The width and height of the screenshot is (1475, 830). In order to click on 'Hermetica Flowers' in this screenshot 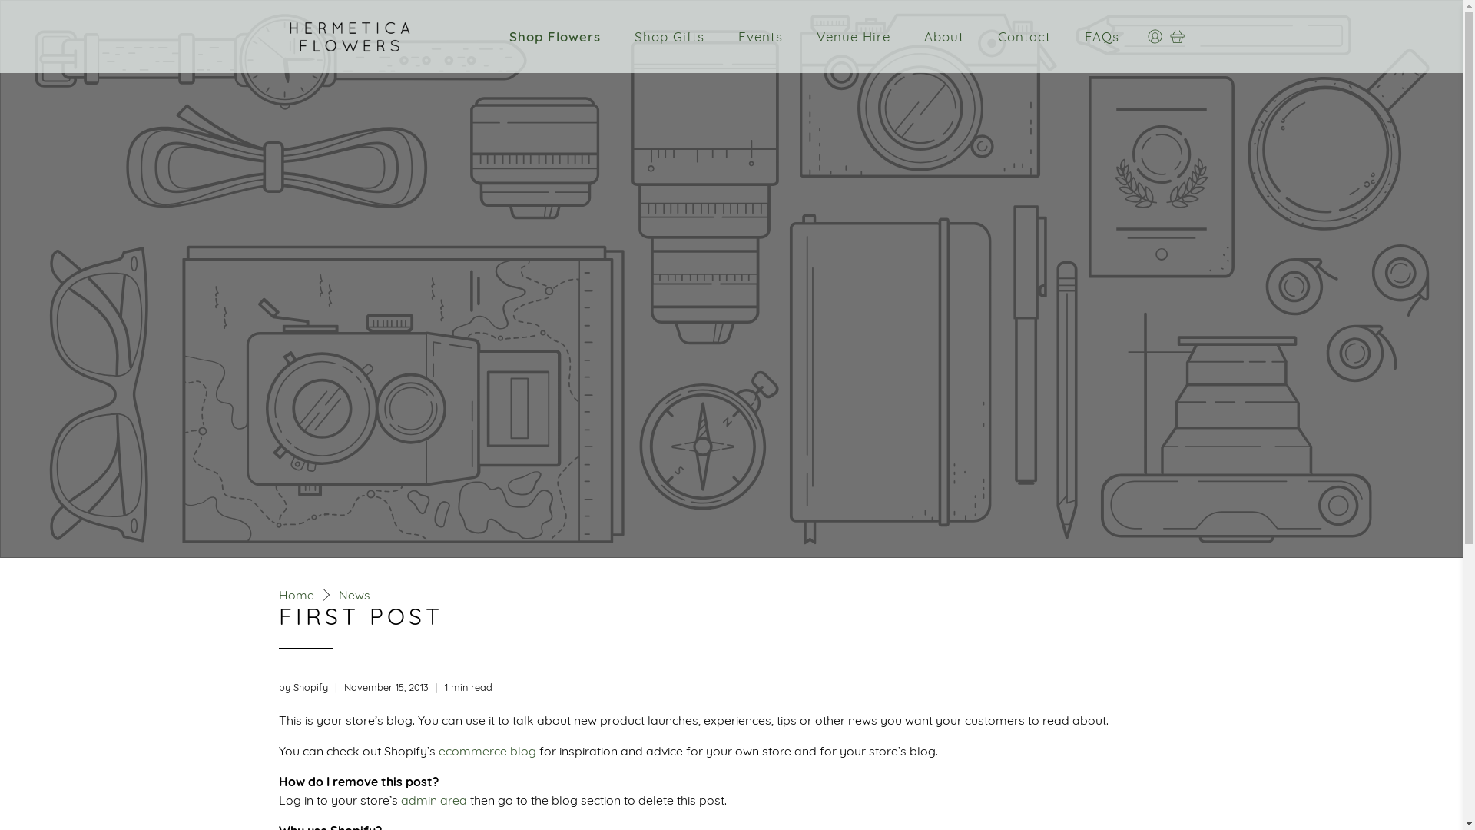, I will do `click(348, 35)`.